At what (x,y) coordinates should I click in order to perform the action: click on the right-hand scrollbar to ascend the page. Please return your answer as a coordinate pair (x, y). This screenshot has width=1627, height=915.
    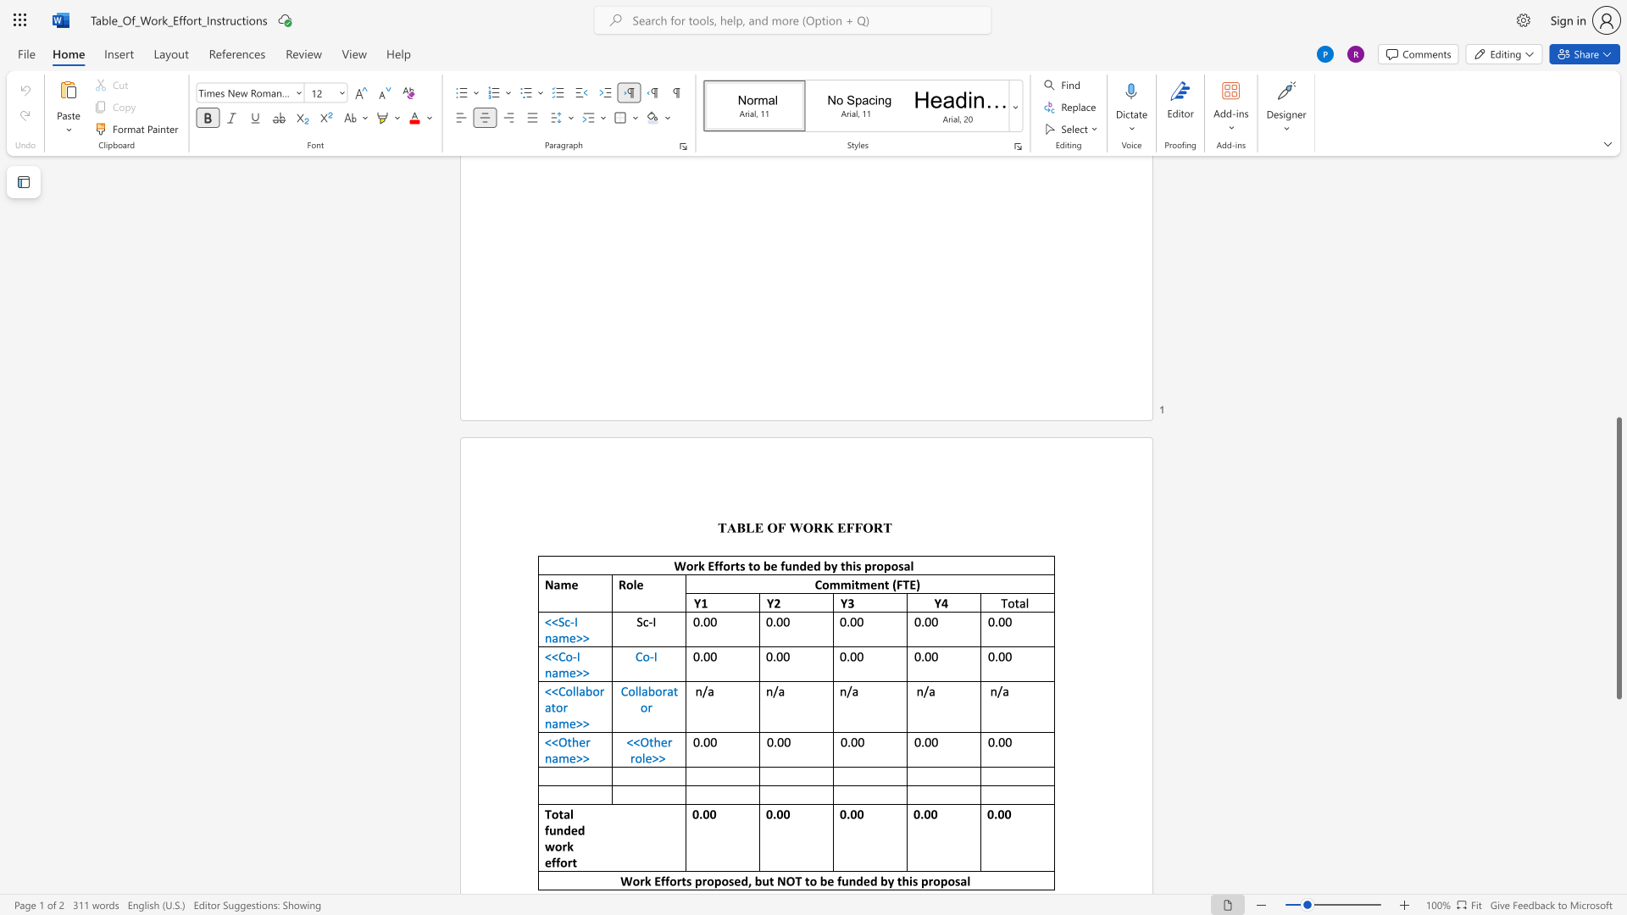
    Looking at the image, I should click on (1618, 279).